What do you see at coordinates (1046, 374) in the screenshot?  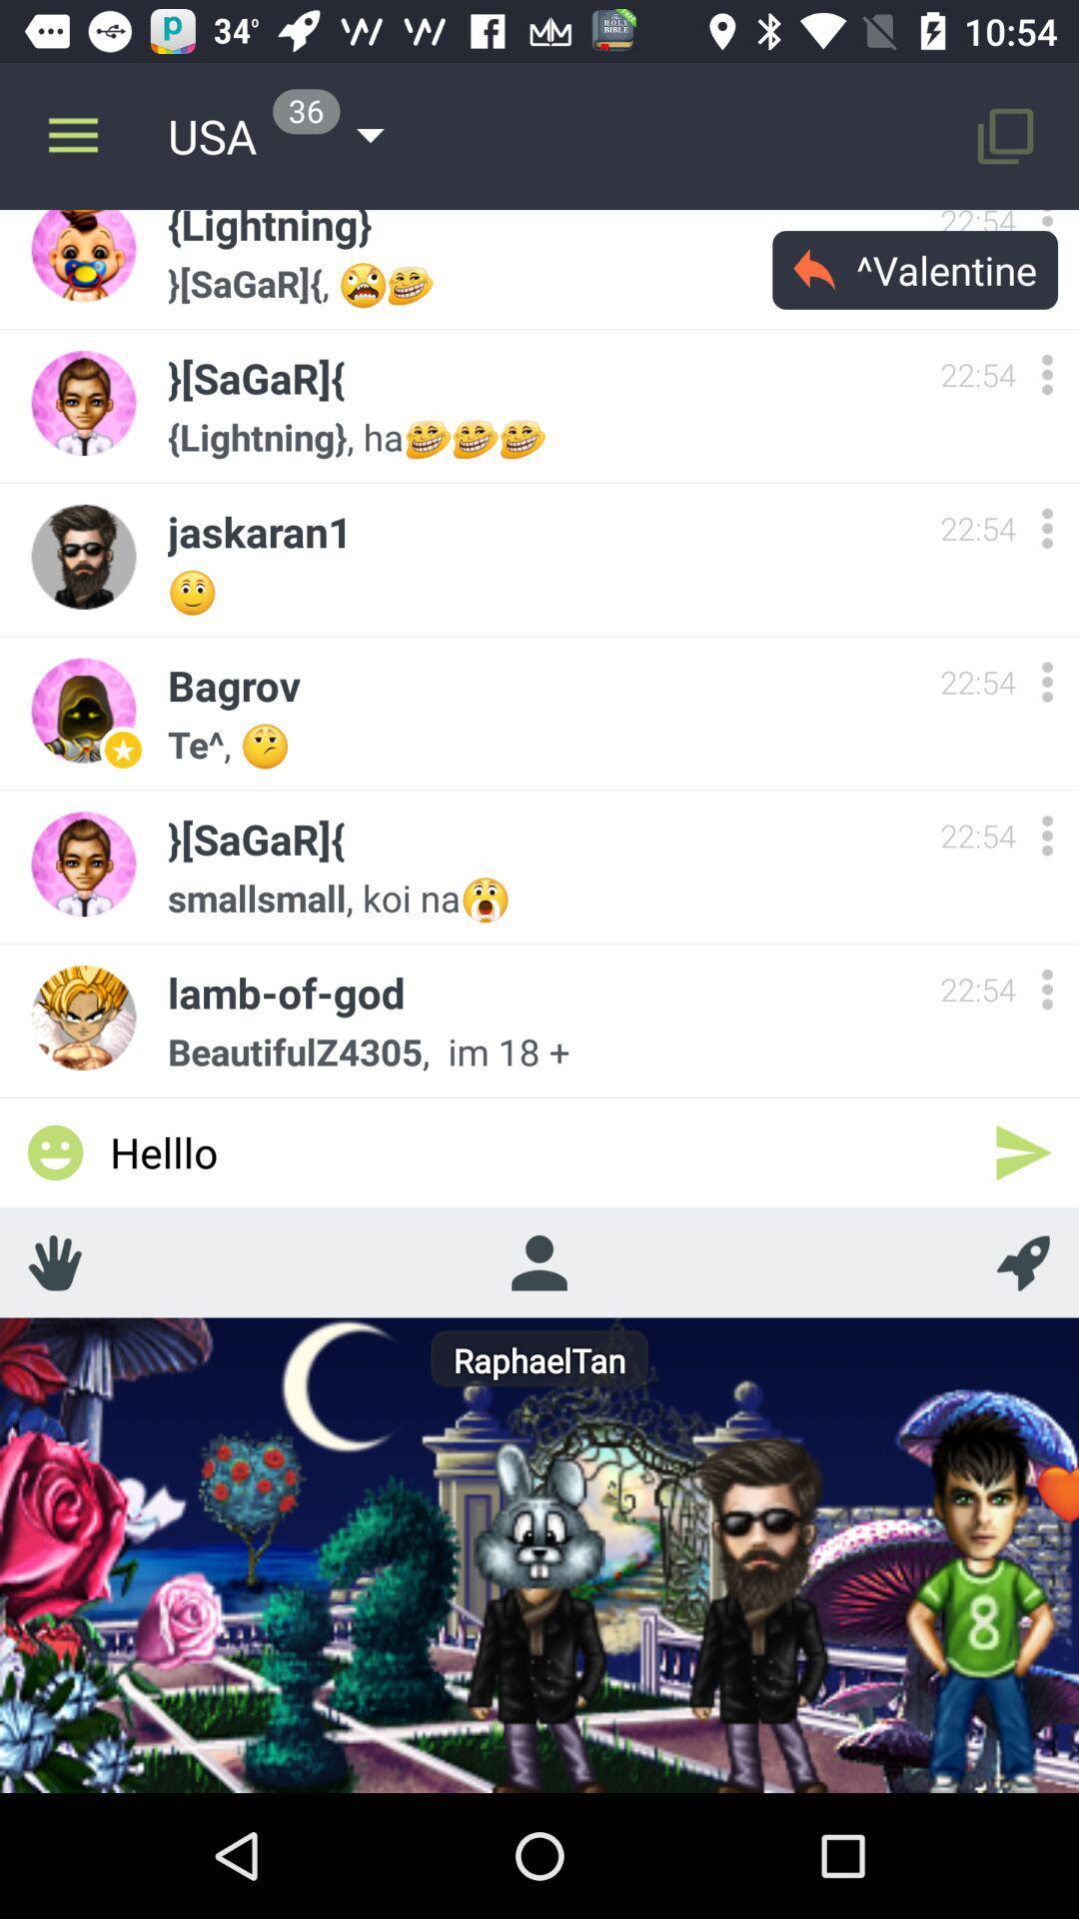 I see `switch autoplay option` at bounding box center [1046, 374].